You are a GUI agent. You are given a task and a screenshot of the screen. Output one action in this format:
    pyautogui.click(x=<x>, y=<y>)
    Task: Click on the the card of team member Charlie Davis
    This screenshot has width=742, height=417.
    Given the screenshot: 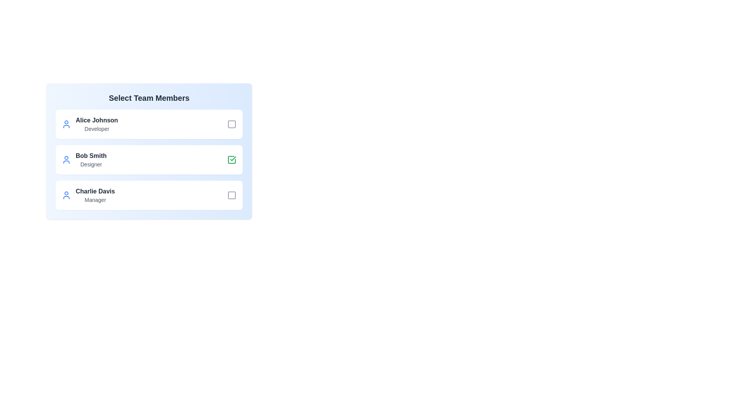 What is the action you would take?
    pyautogui.click(x=149, y=195)
    